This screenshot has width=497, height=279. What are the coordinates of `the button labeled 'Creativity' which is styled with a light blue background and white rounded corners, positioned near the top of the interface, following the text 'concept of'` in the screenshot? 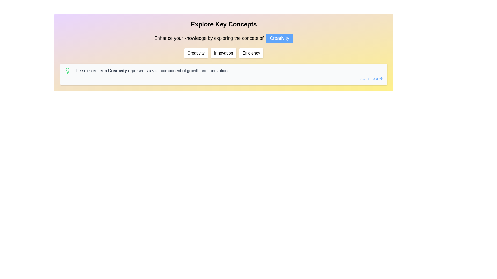 It's located at (279, 38).